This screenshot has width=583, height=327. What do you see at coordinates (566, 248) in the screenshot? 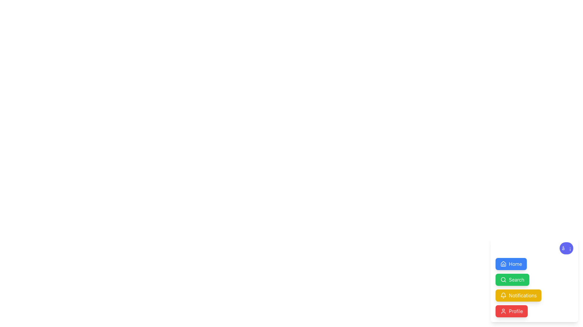
I see `the hamburger menu button located at the top-right corner of the vertical layout` at bounding box center [566, 248].